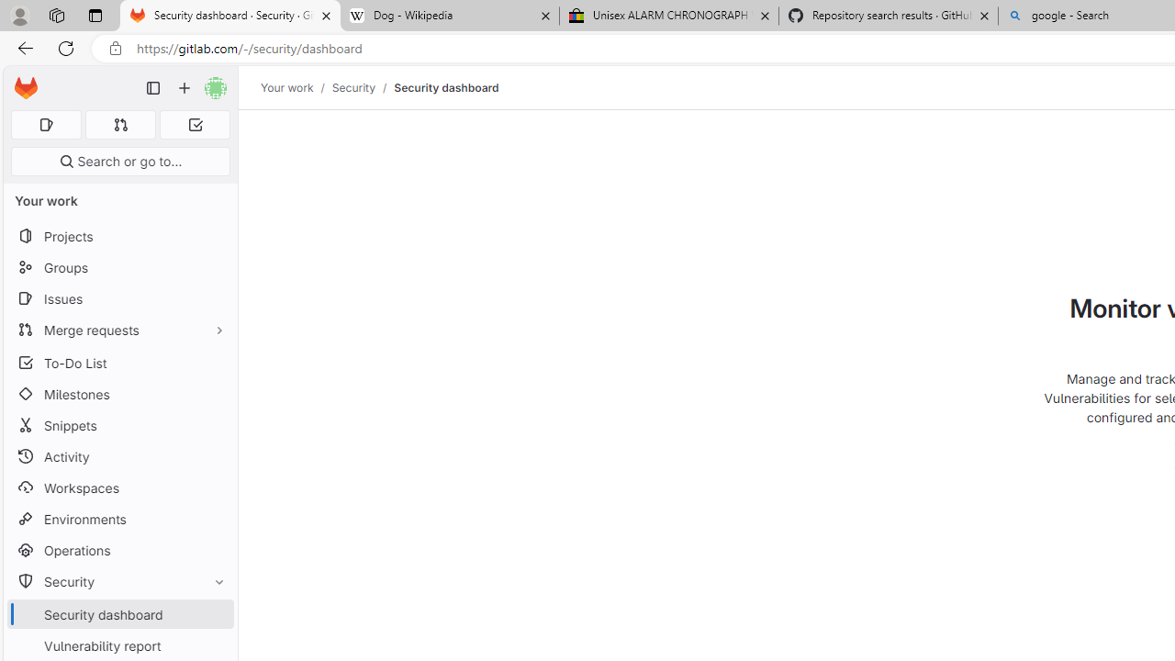 The width and height of the screenshot is (1175, 661). Describe the element at coordinates (285, 87) in the screenshot. I see `'Your work'` at that location.